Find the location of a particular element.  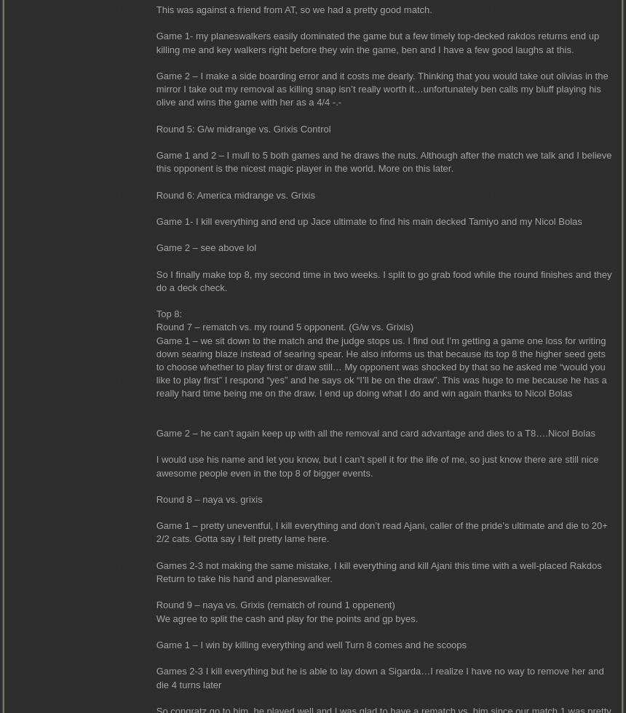

'Game 1- I kill everything and end up Jace ultimate to find his main decked Tamiyo and my Nicol Bolas' is located at coordinates (368, 220).